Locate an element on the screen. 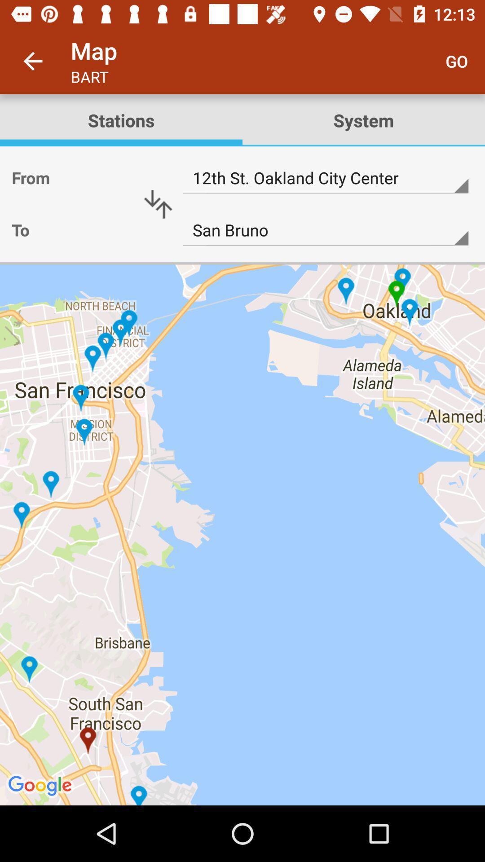  switch departure and destination locations is located at coordinates (158, 204).